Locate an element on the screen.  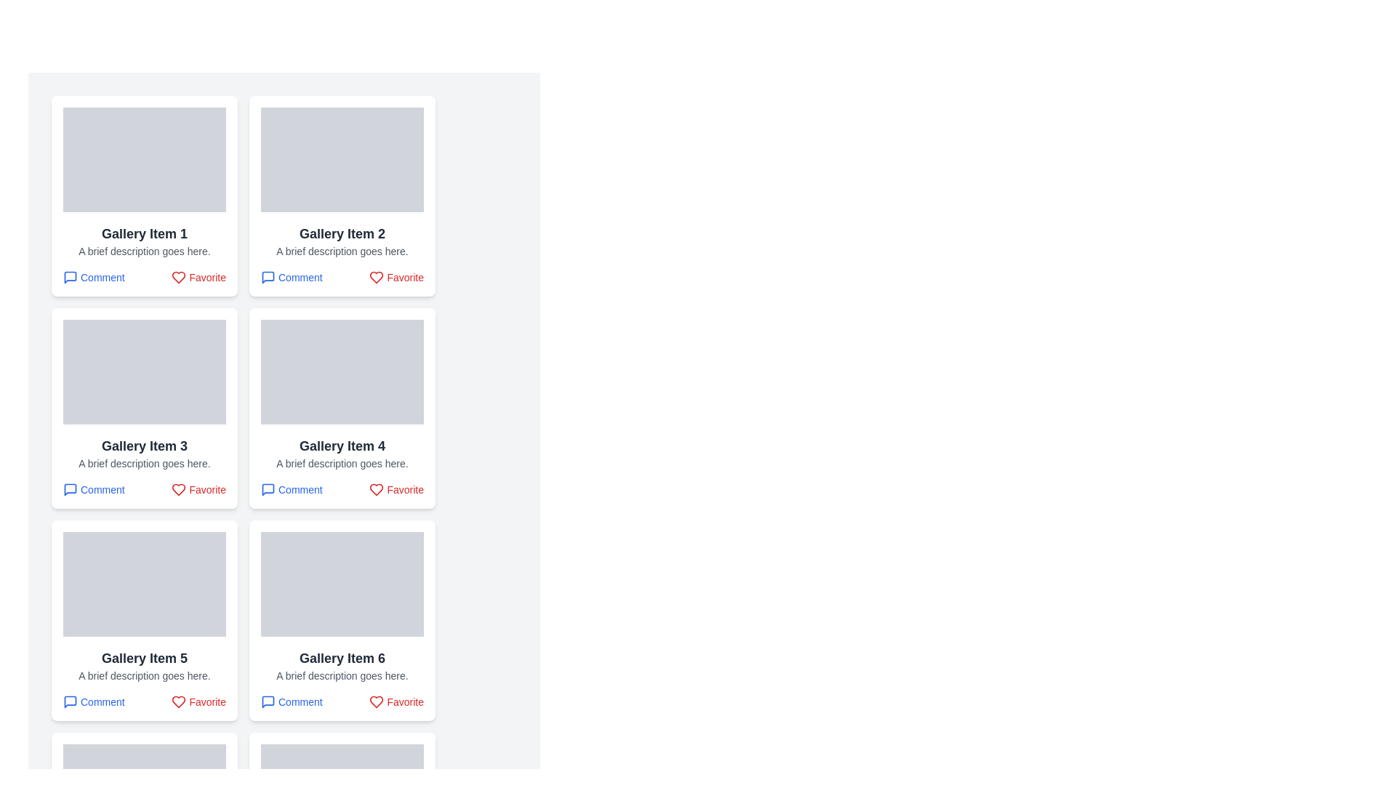
the comment bubble icon located at the bottom of the sixth gallery card, adjacent to the Favorite icon is located at coordinates (268, 701).